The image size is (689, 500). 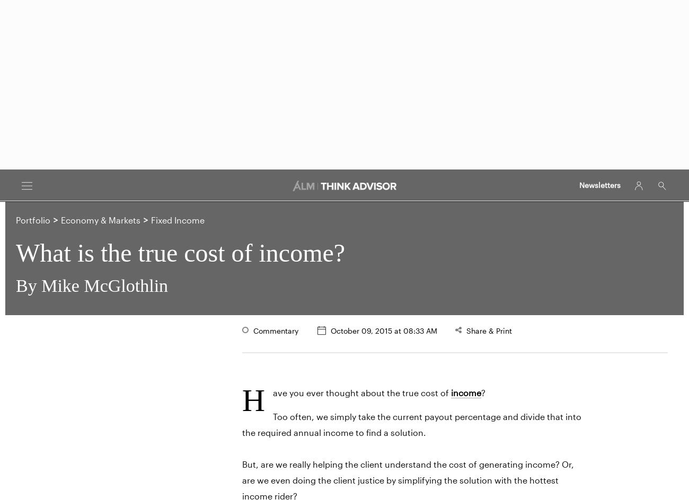 What do you see at coordinates (275, 330) in the screenshot?
I see `'Commentary'` at bounding box center [275, 330].